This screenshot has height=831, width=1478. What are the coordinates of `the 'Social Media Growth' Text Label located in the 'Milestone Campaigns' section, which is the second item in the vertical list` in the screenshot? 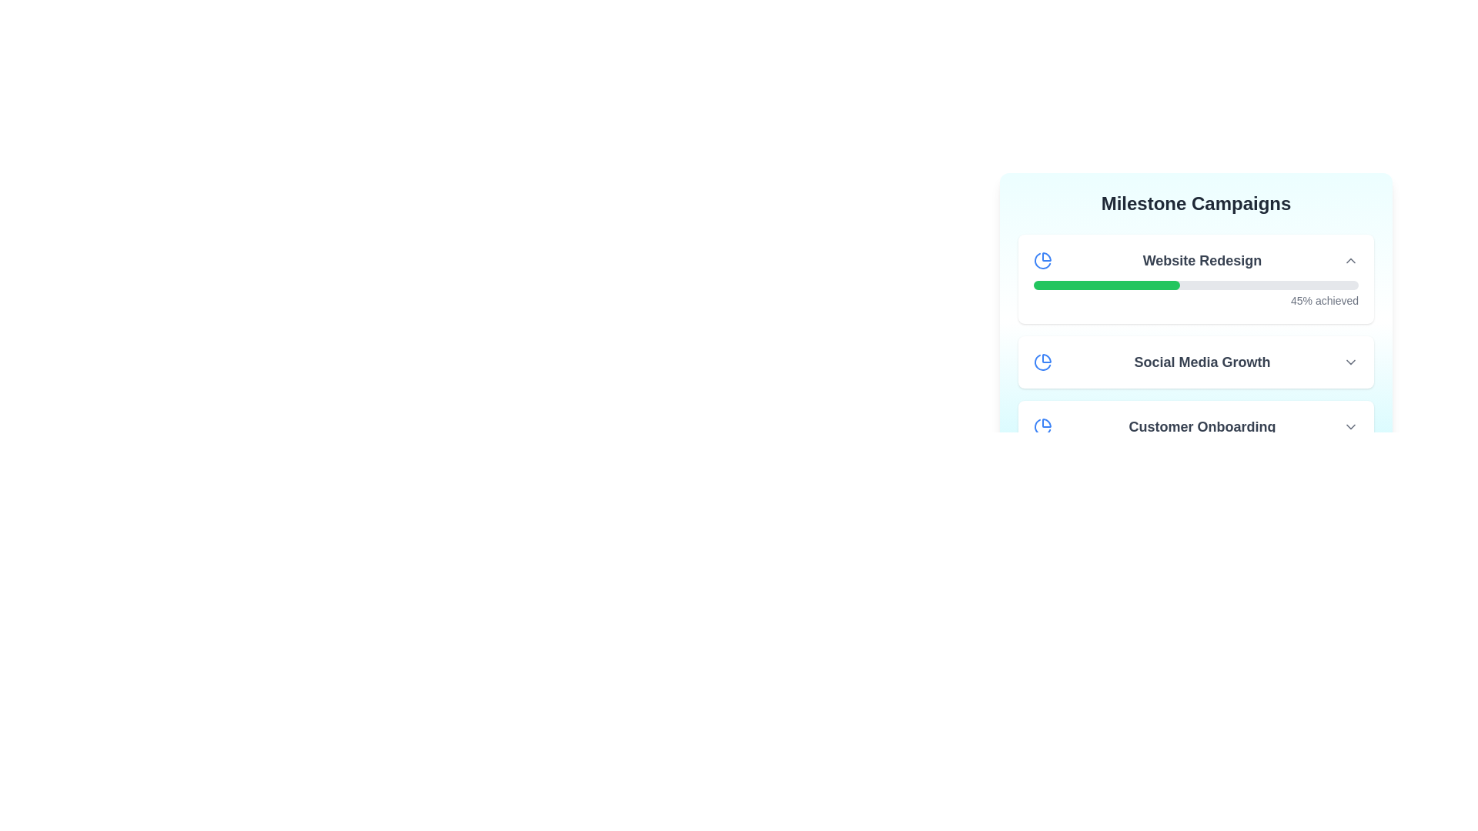 It's located at (1201, 362).